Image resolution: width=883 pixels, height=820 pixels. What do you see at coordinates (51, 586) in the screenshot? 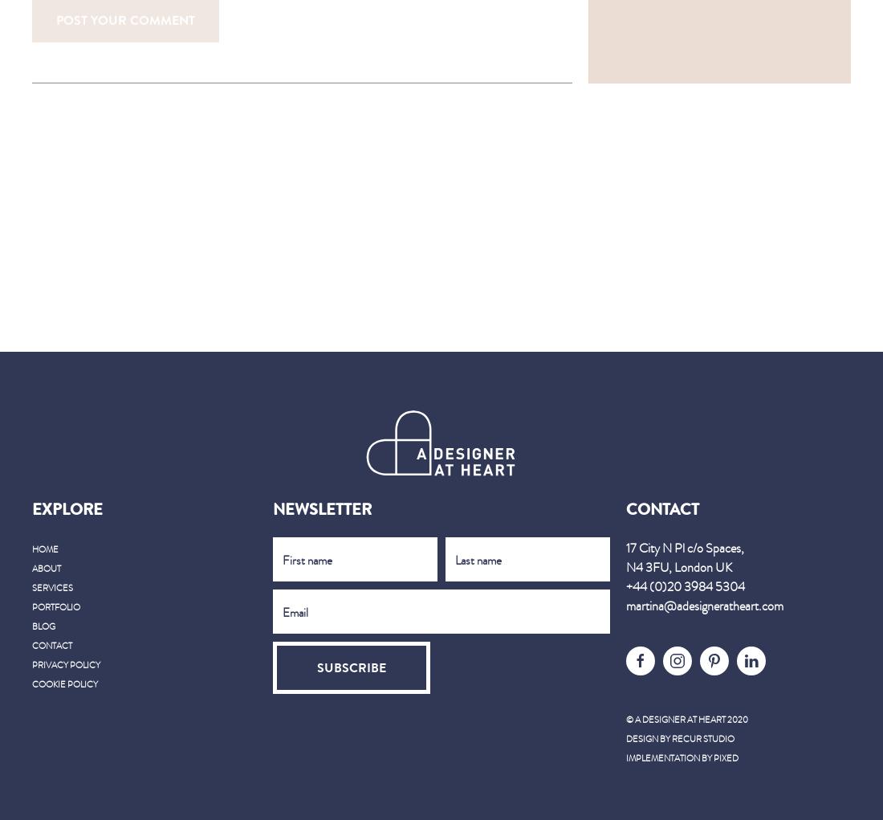
I see `'SERVICES'` at bounding box center [51, 586].